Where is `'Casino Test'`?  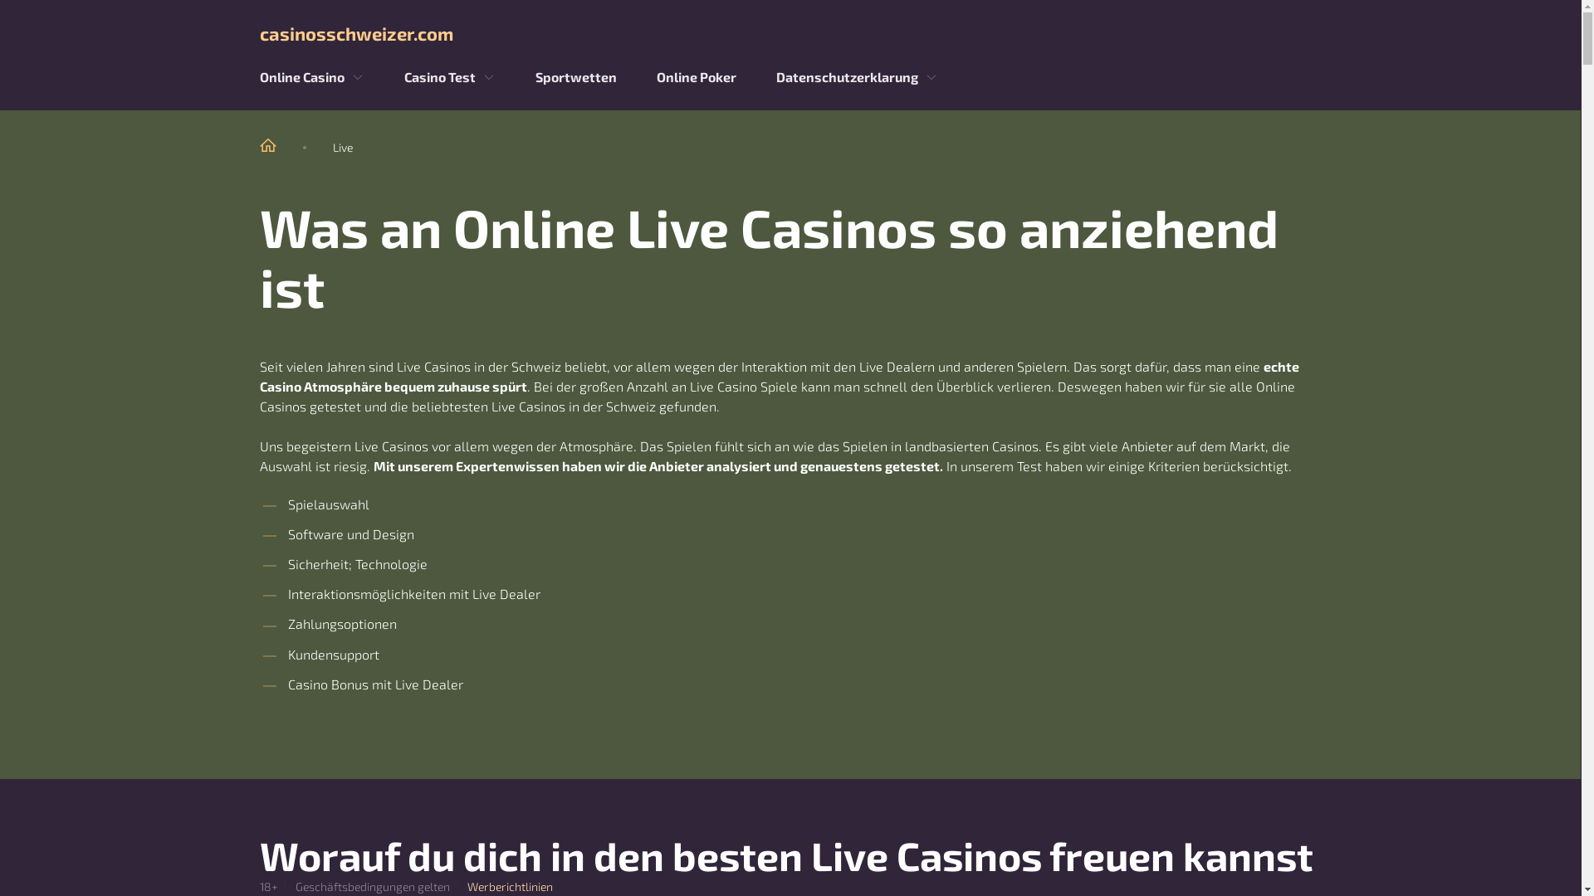 'Casino Test' is located at coordinates (438, 76).